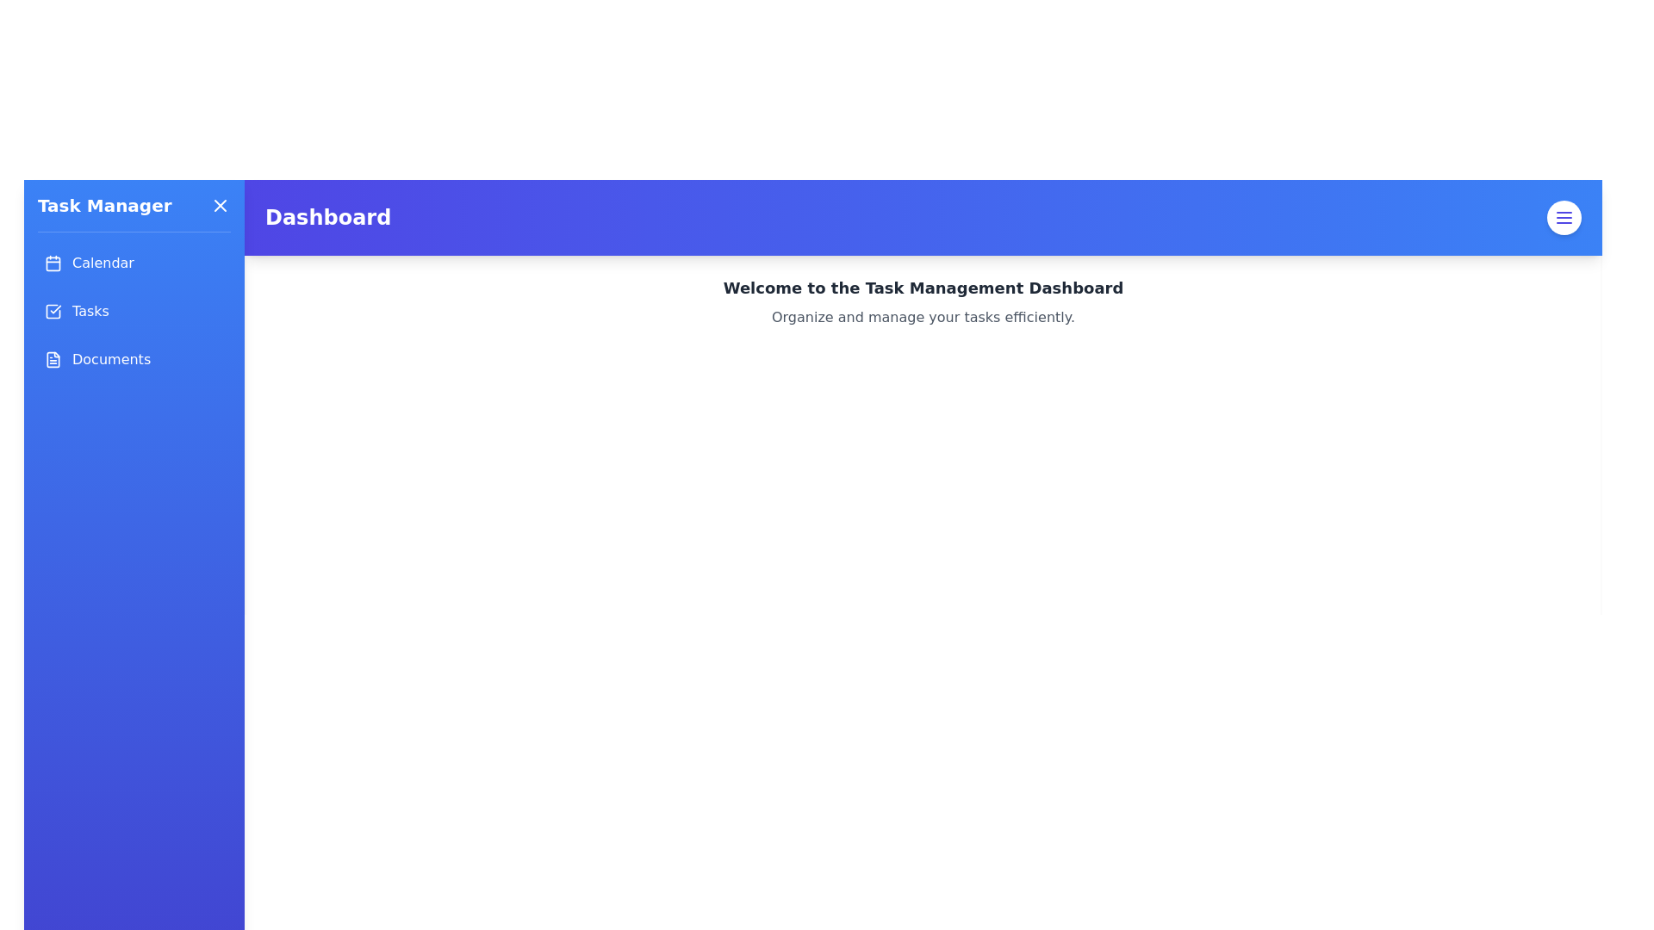 This screenshot has height=930, width=1654. What do you see at coordinates (53, 263) in the screenshot?
I see `the decorative rectangle inside the calendar icon located in the left side navigation menu next to the 'Calendar' label` at bounding box center [53, 263].